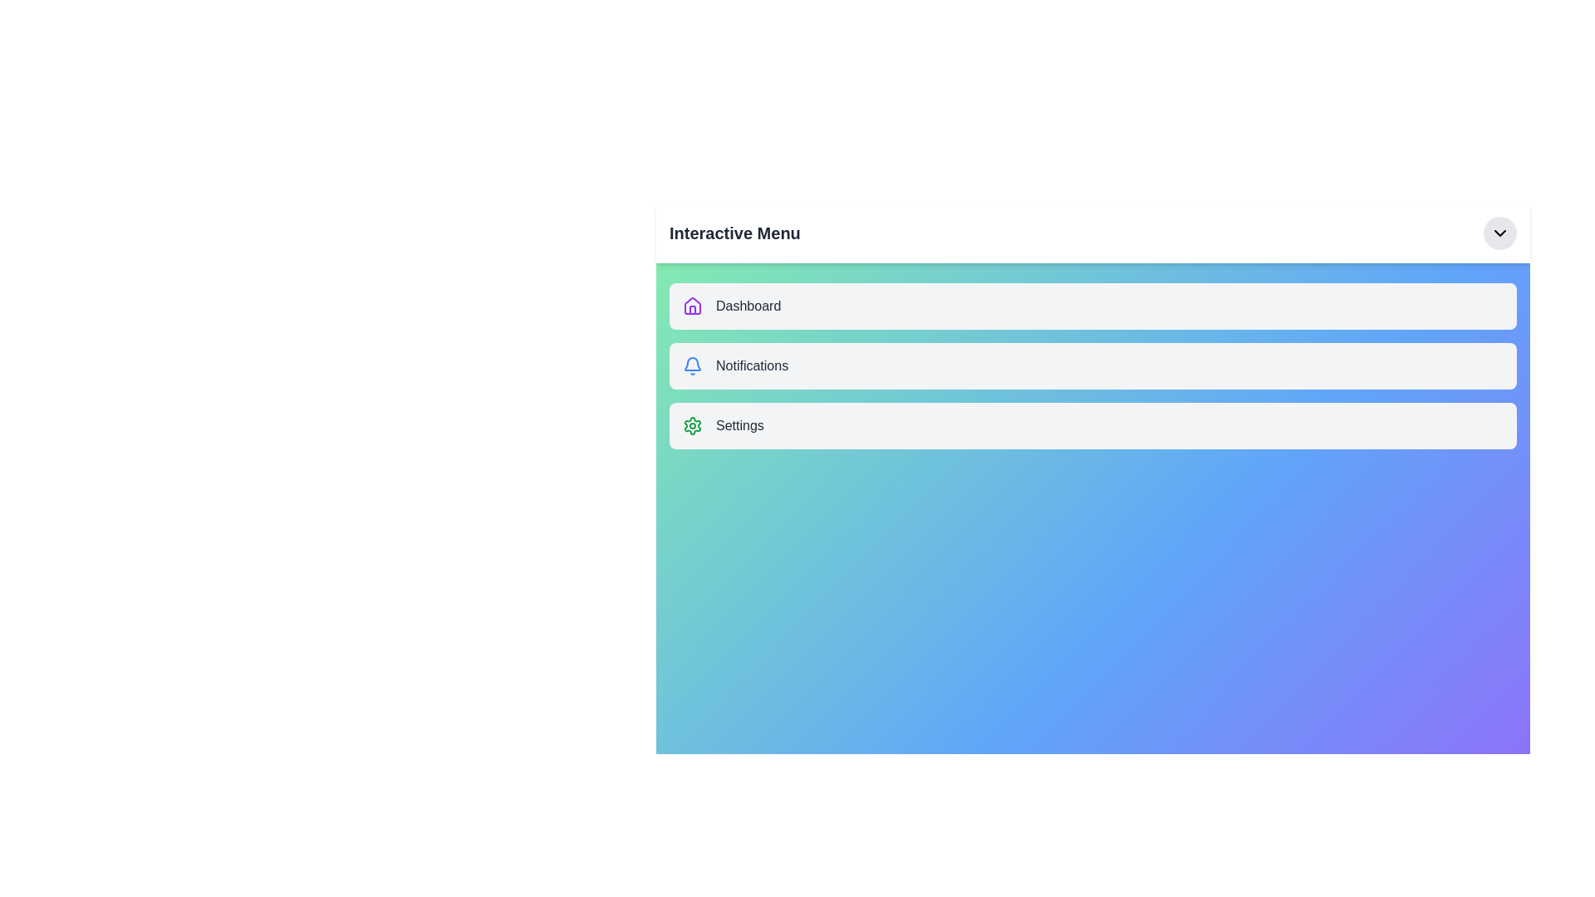 This screenshot has width=1595, height=897. I want to click on the 'Notifications' menu item, so click(1092, 365).